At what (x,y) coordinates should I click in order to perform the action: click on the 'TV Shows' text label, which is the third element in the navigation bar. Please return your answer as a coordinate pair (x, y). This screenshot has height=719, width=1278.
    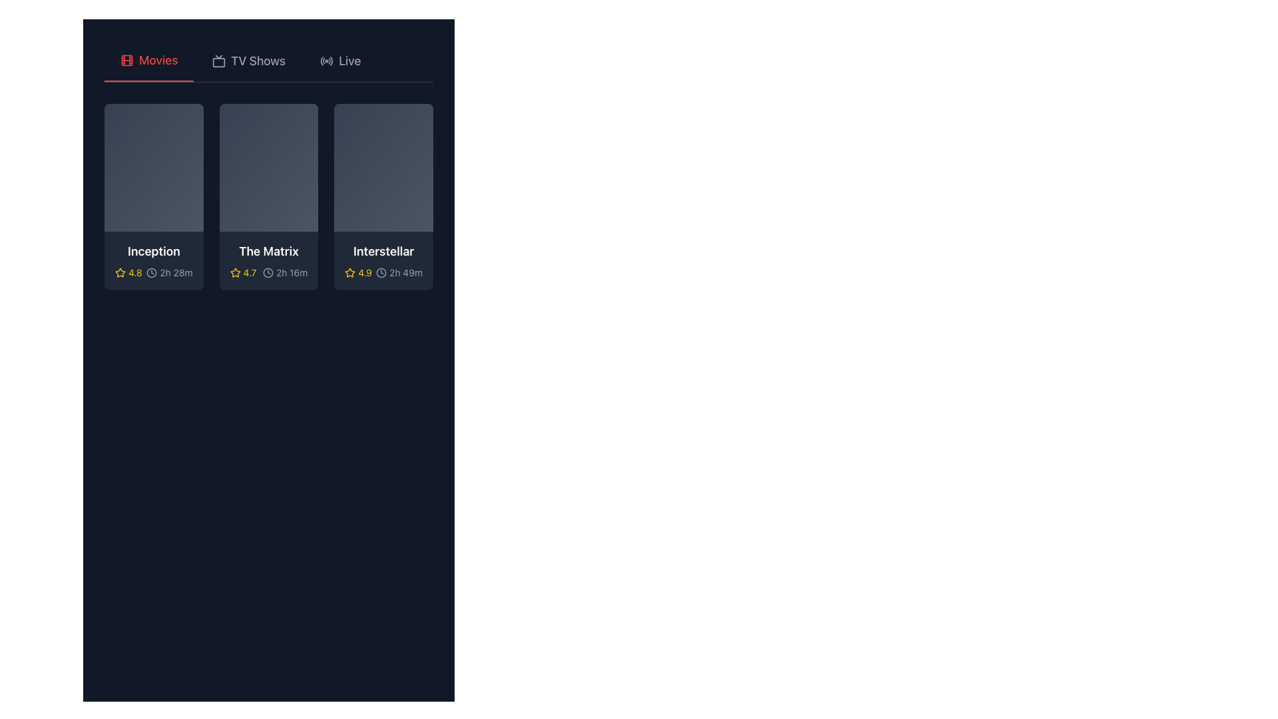
    Looking at the image, I should click on (258, 61).